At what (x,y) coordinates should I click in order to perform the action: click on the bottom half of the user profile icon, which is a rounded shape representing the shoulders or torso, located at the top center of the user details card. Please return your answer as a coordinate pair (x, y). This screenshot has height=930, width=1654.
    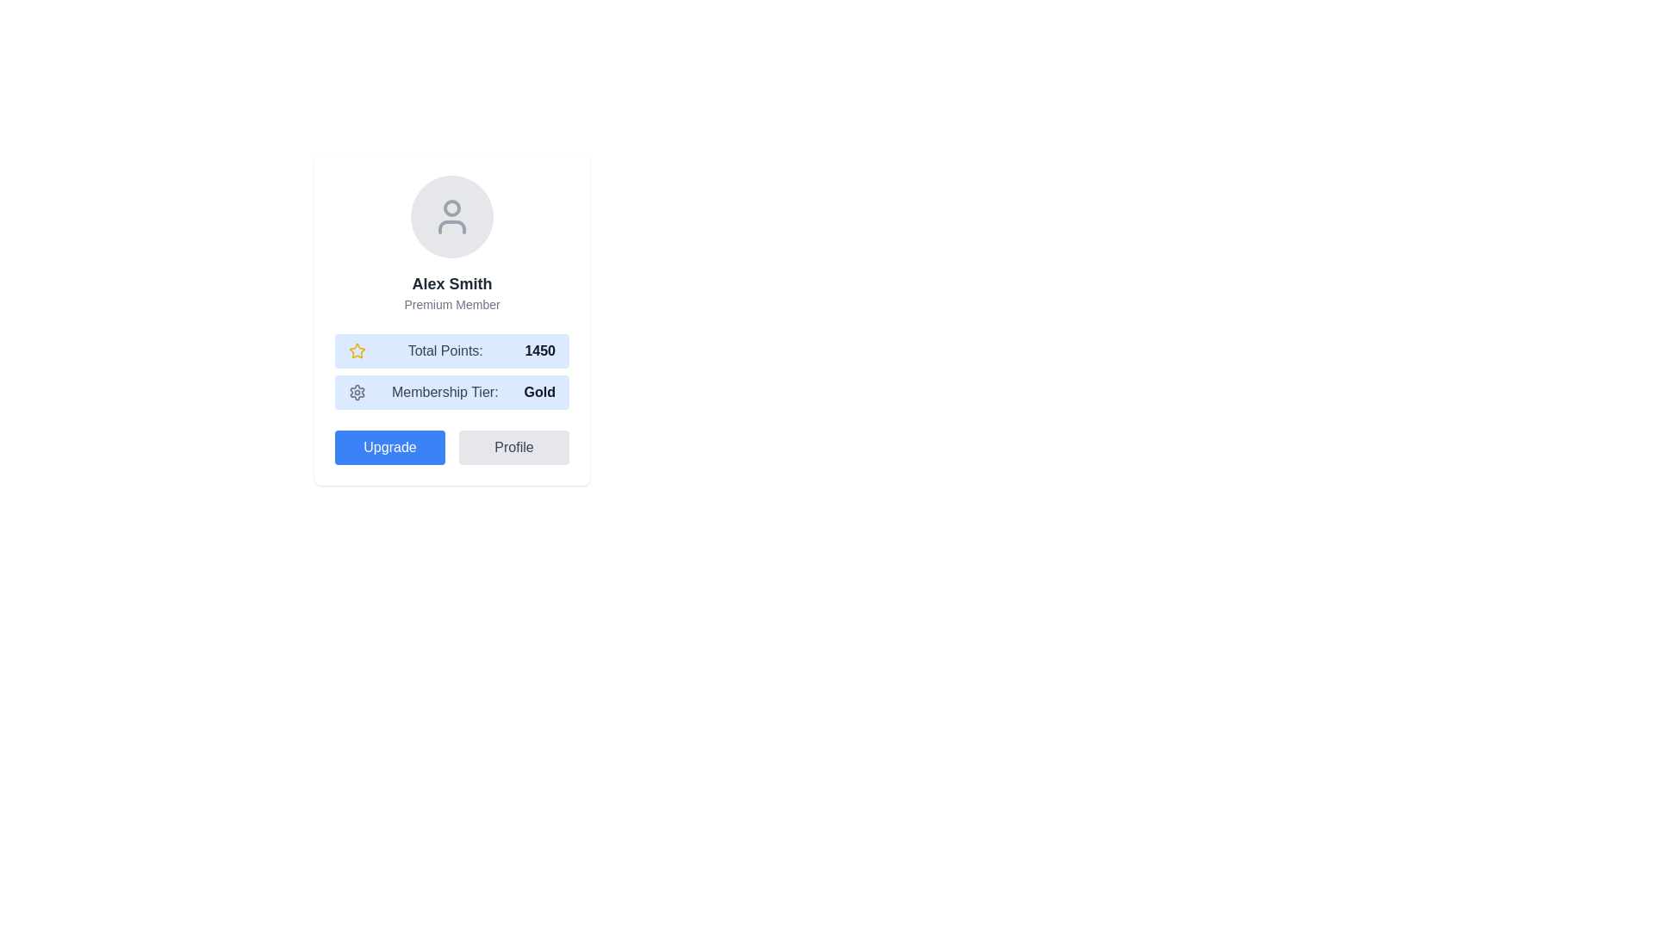
    Looking at the image, I should click on (451, 226).